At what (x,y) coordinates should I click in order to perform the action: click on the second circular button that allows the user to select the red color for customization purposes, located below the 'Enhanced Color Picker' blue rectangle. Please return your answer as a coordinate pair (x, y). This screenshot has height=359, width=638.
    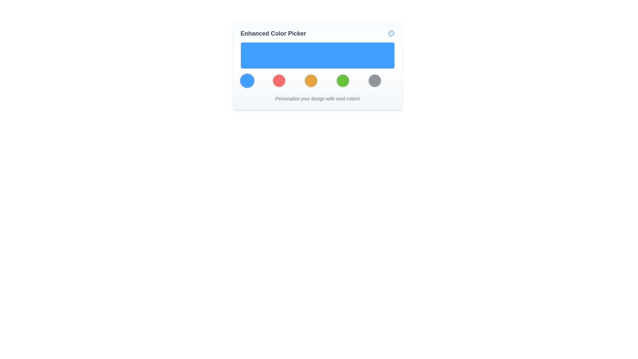
    Looking at the image, I should click on (279, 80).